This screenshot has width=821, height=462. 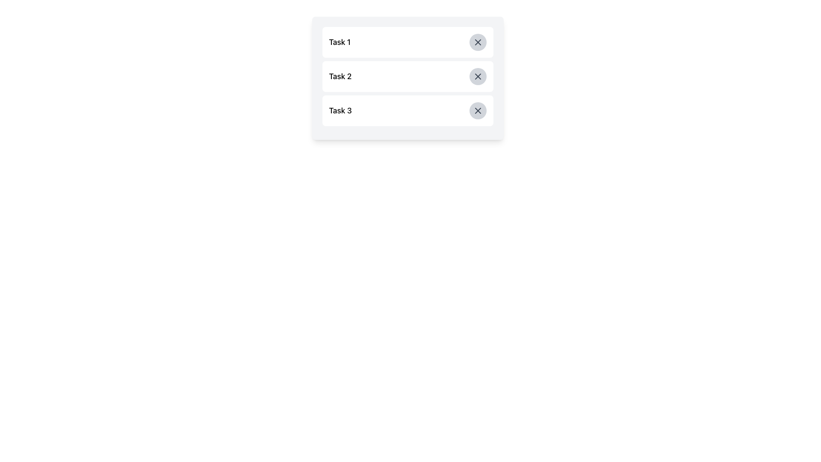 I want to click on the 'X' icon on the right side of the list item labeled 'Task 3', so click(x=477, y=110).